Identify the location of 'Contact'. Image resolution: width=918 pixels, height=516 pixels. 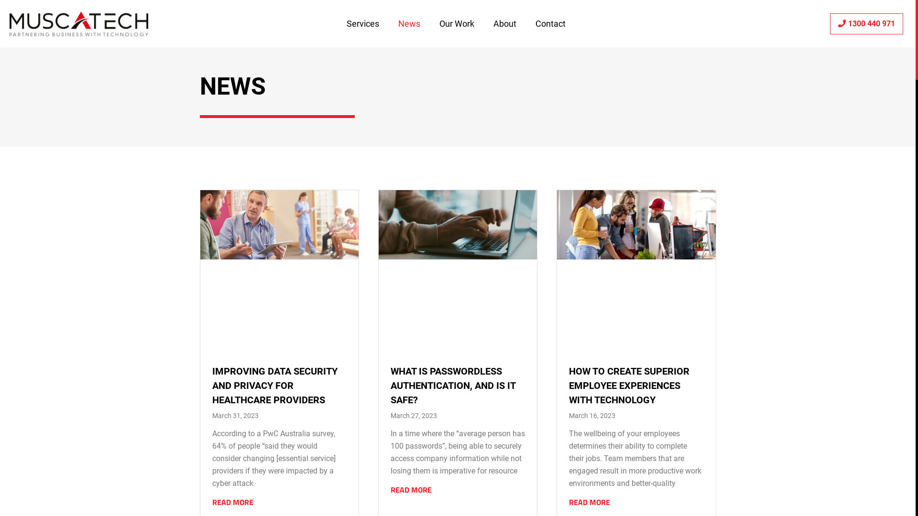
(550, 23).